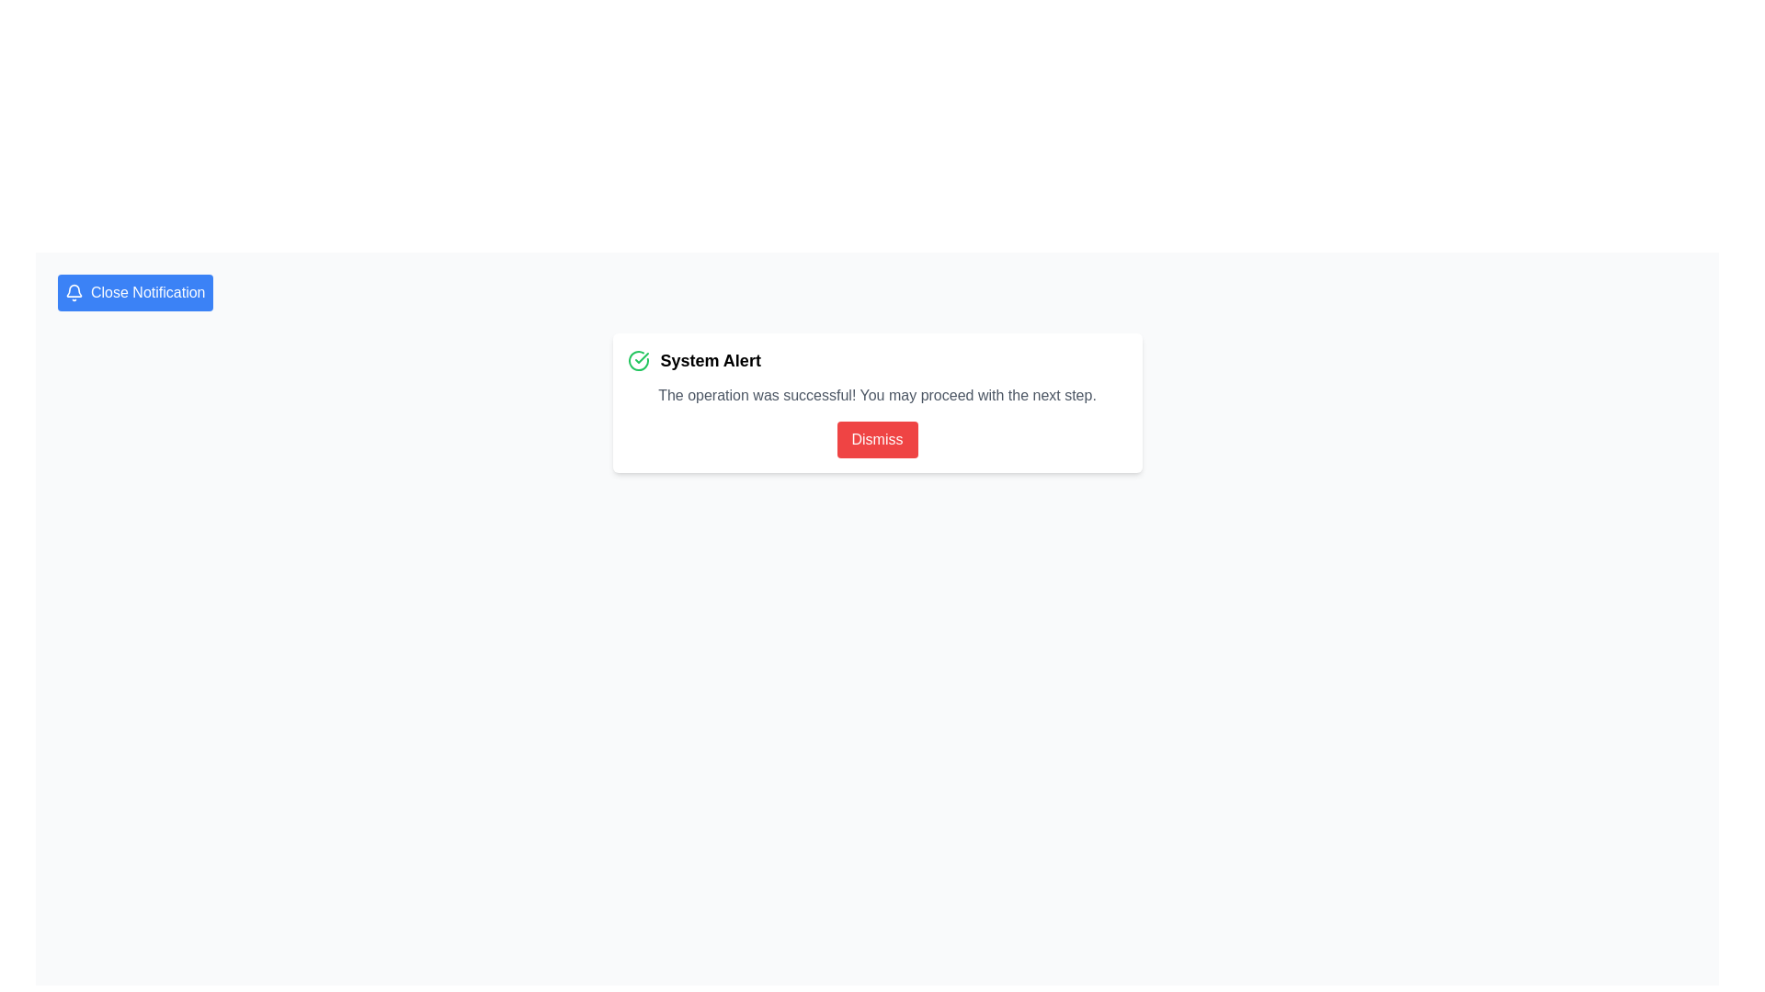 Image resolution: width=1765 pixels, height=992 pixels. What do you see at coordinates (641, 357) in the screenshot?
I see `the check mark icon that symbolizes the successful completion of an operation, located to the left of the 'System Alert' title within the notification card` at bounding box center [641, 357].